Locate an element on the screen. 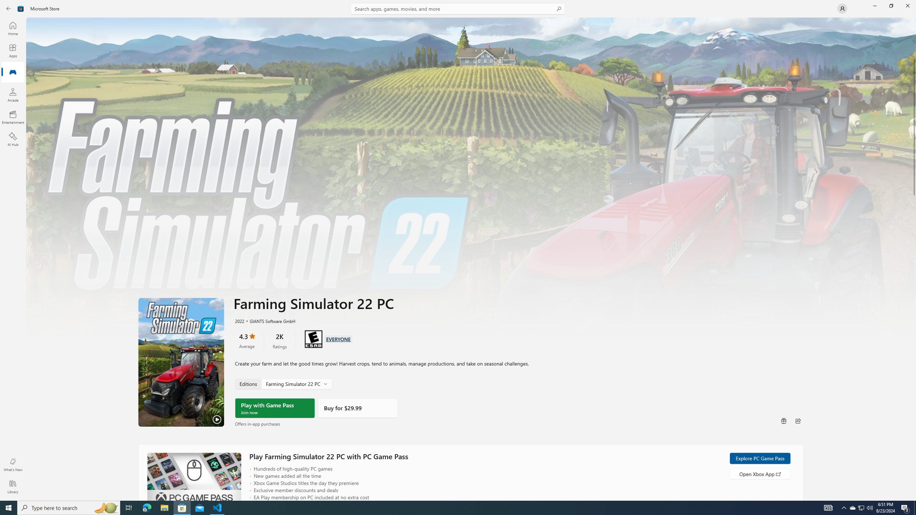  'Vertical Small Increase' is located at coordinates (913, 498).